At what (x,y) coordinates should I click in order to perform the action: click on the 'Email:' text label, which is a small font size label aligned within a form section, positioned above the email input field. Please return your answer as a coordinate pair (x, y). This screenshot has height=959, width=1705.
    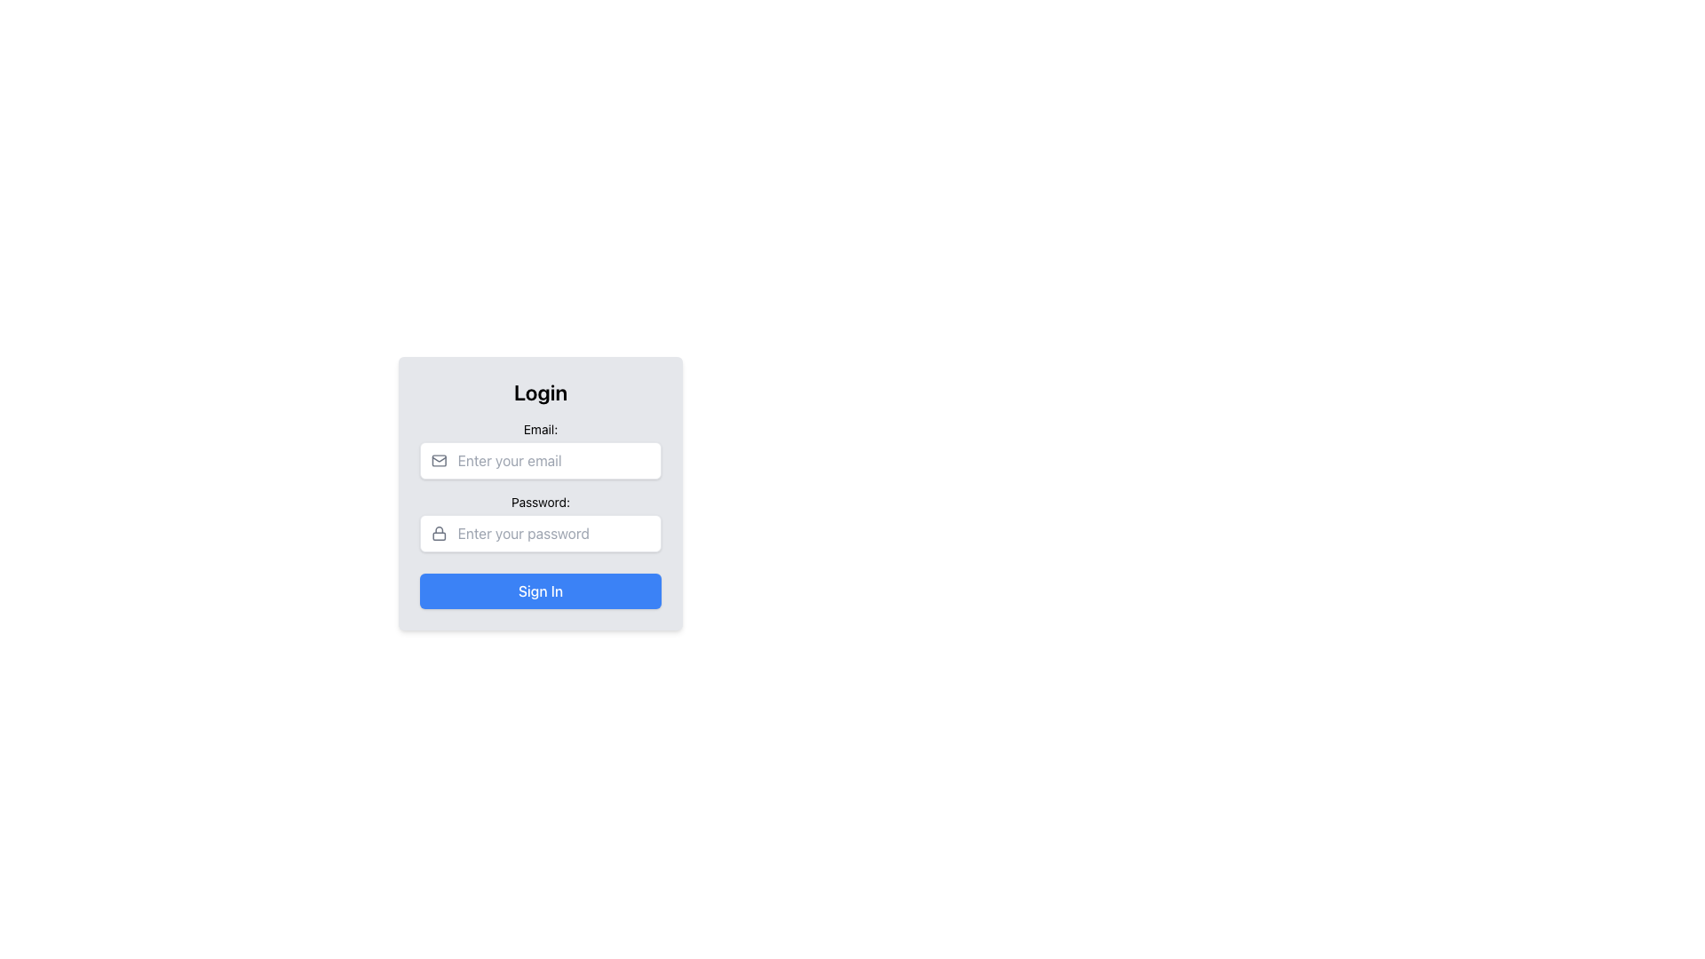
    Looking at the image, I should click on (540, 429).